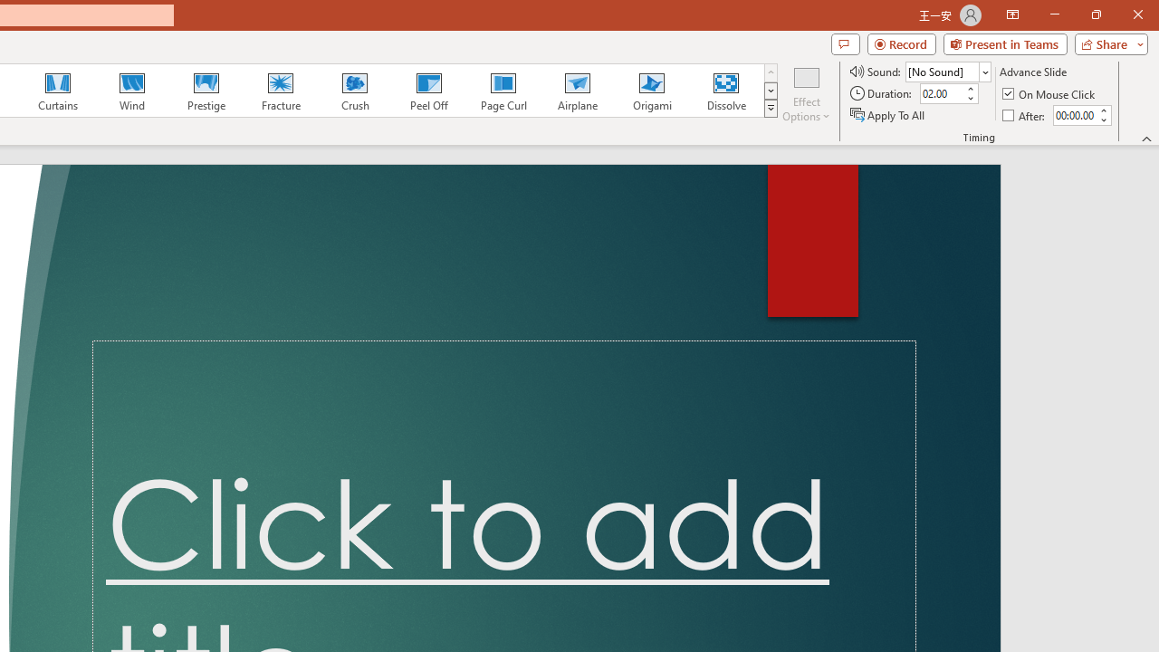 This screenshot has width=1159, height=652. What do you see at coordinates (354, 91) in the screenshot?
I see `'Crush'` at bounding box center [354, 91].